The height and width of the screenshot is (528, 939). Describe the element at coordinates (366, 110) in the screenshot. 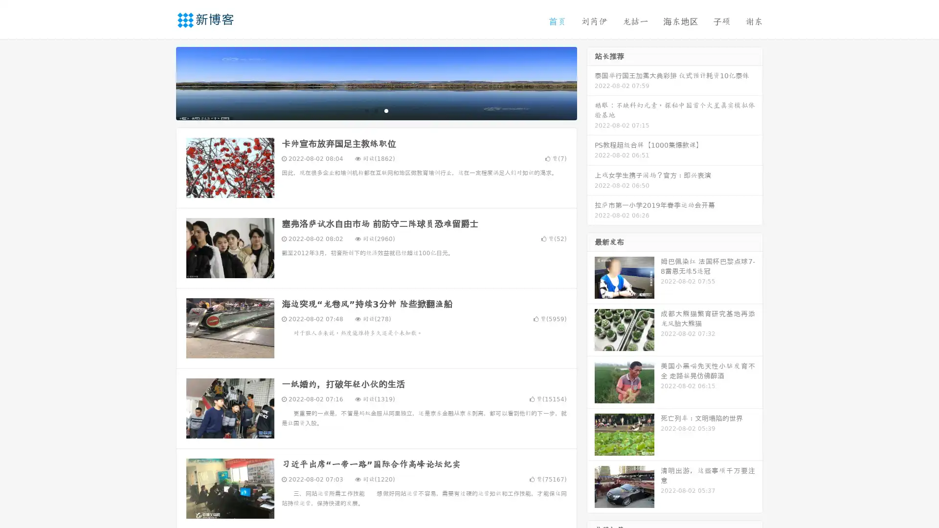

I see `Go to slide 1` at that location.